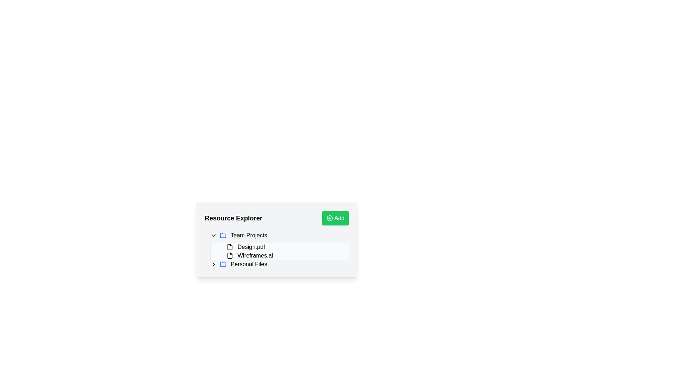  I want to click on folder icon representing the 'Team Projects' navigational section, which is located to the right of the arrow toggle and just before the 'Team Projects' label, so click(223, 236).